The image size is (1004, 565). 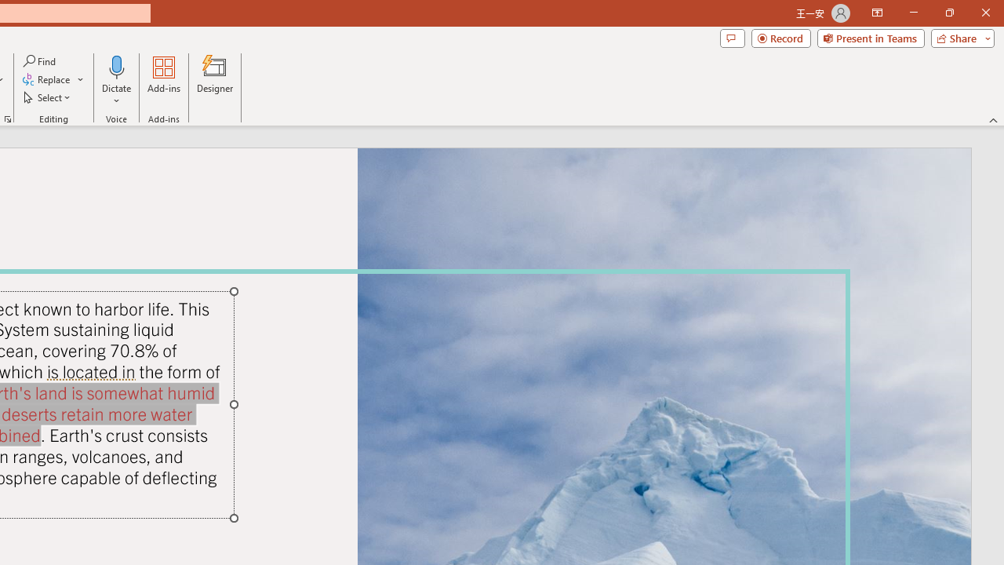 I want to click on 'Find...', so click(x=40, y=60).